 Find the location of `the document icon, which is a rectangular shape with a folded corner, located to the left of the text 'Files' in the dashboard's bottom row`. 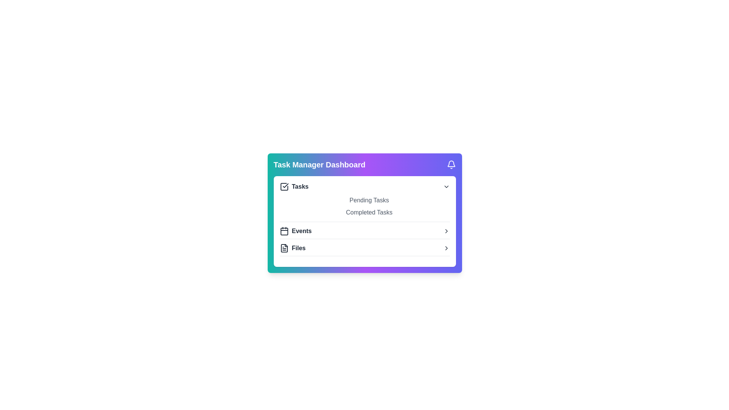

the document icon, which is a rectangular shape with a folded corner, located to the left of the text 'Files' in the dashboard's bottom row is located at coordinates (284, 248).